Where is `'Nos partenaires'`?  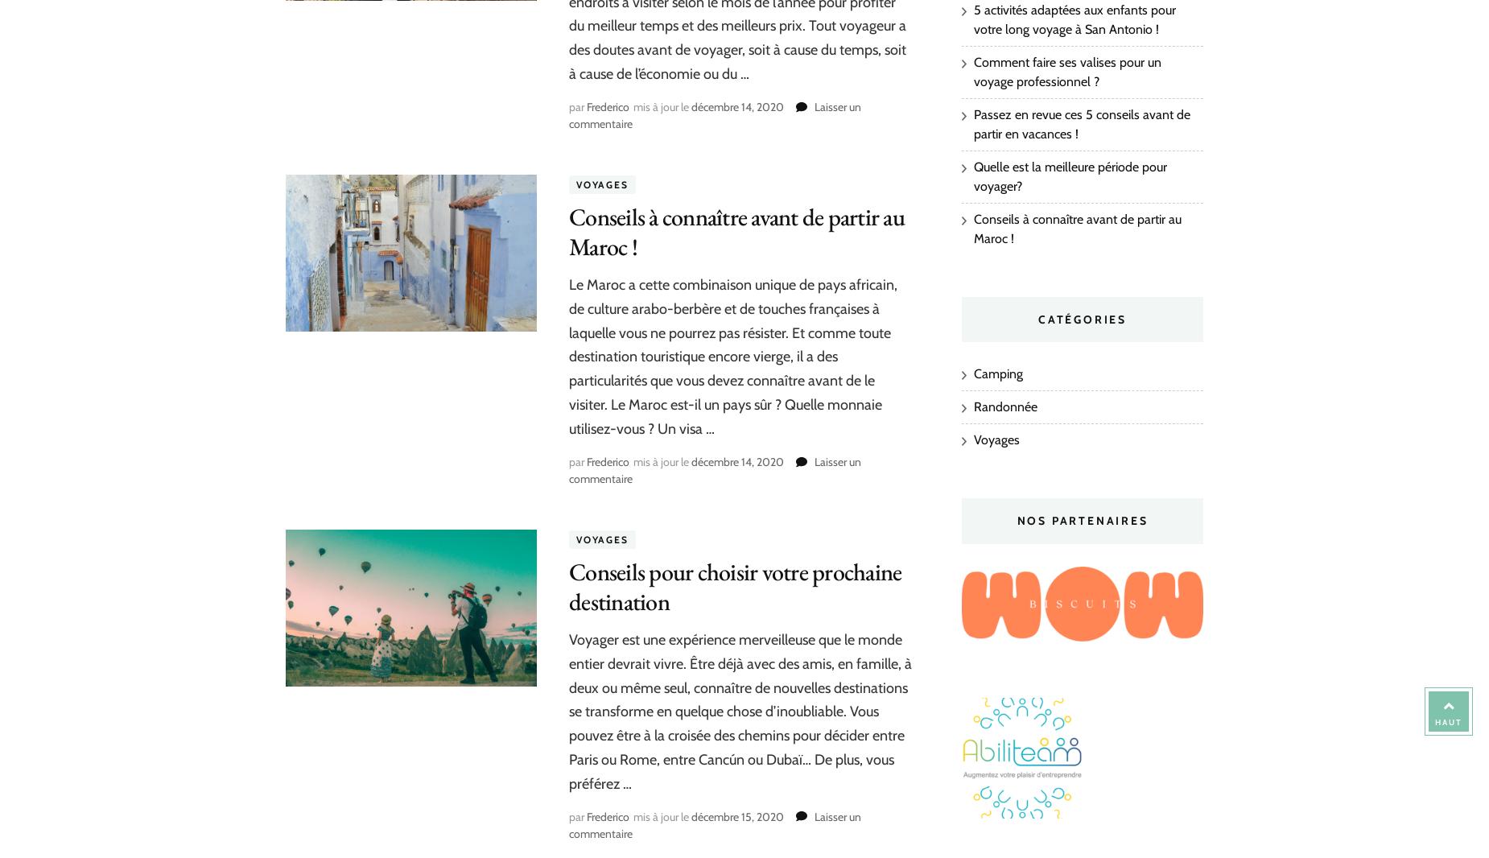 'Nos partenaires' is located at coordinates (1081, 519).